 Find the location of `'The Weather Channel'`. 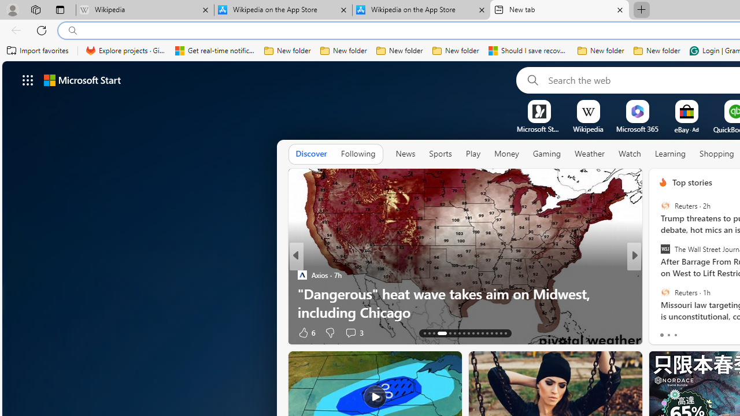

'The Weather Channel' is located at coordinates (658, 274).